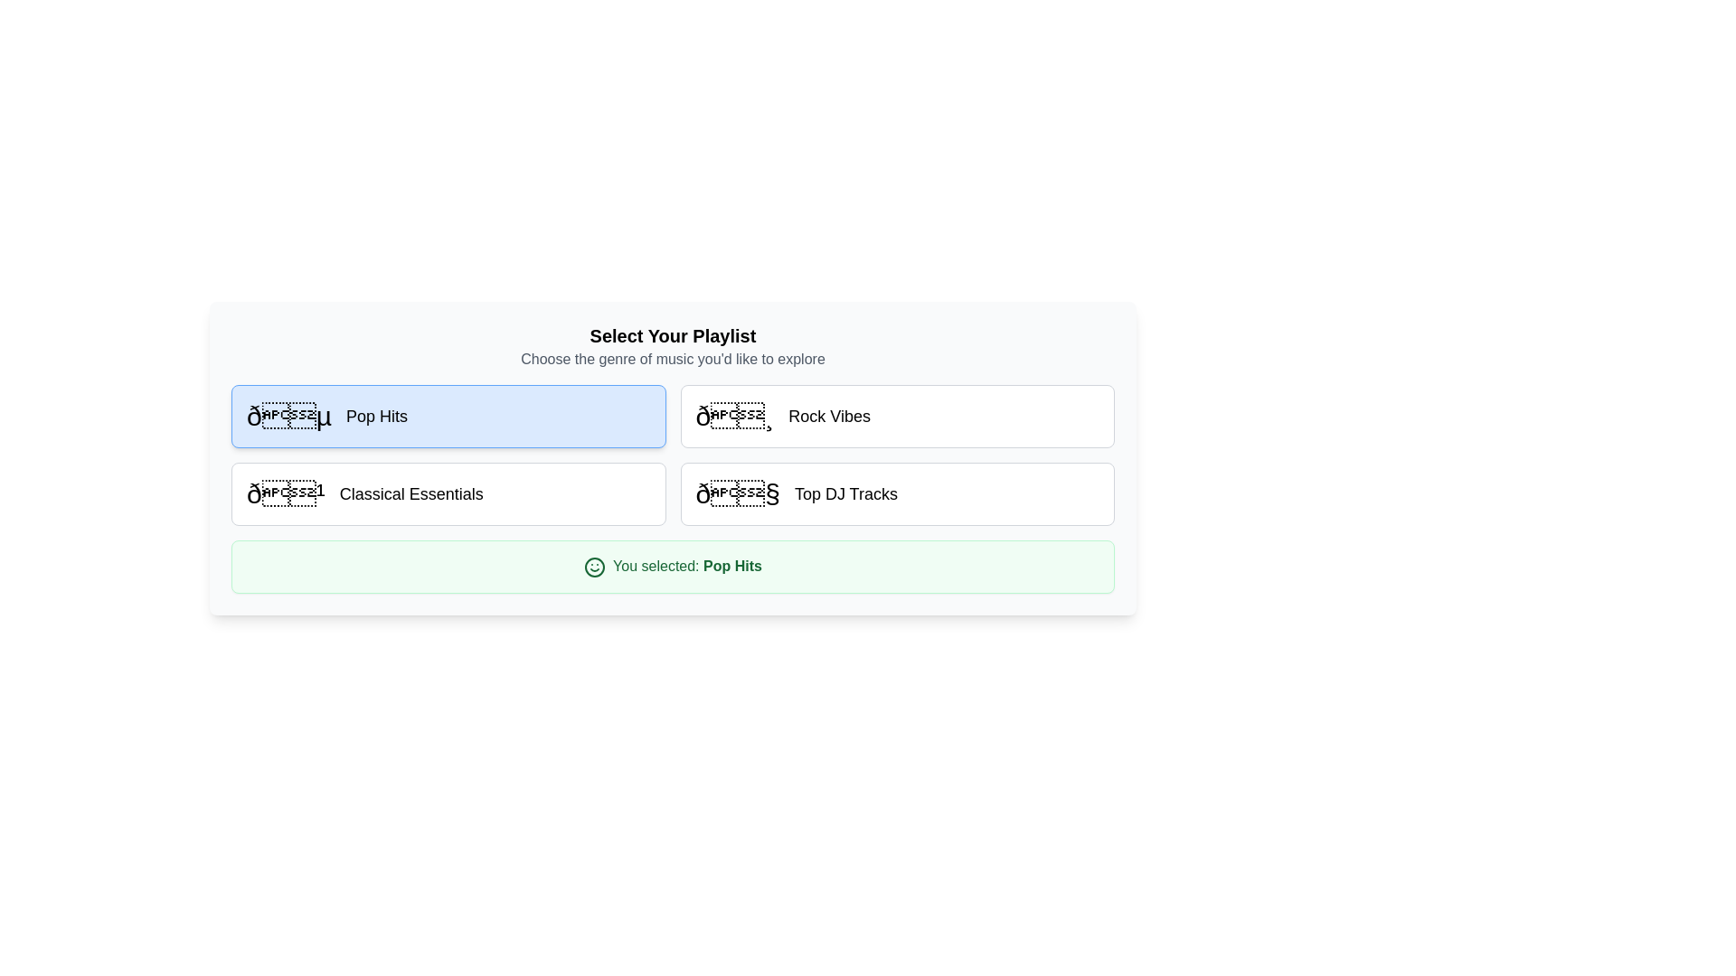 The image size is (1736, 976). I want to click on the decorative symbol for the 'Pop Hits' playlist category located in the blue button at the top-left corner of the button grid, so click(289, 417).